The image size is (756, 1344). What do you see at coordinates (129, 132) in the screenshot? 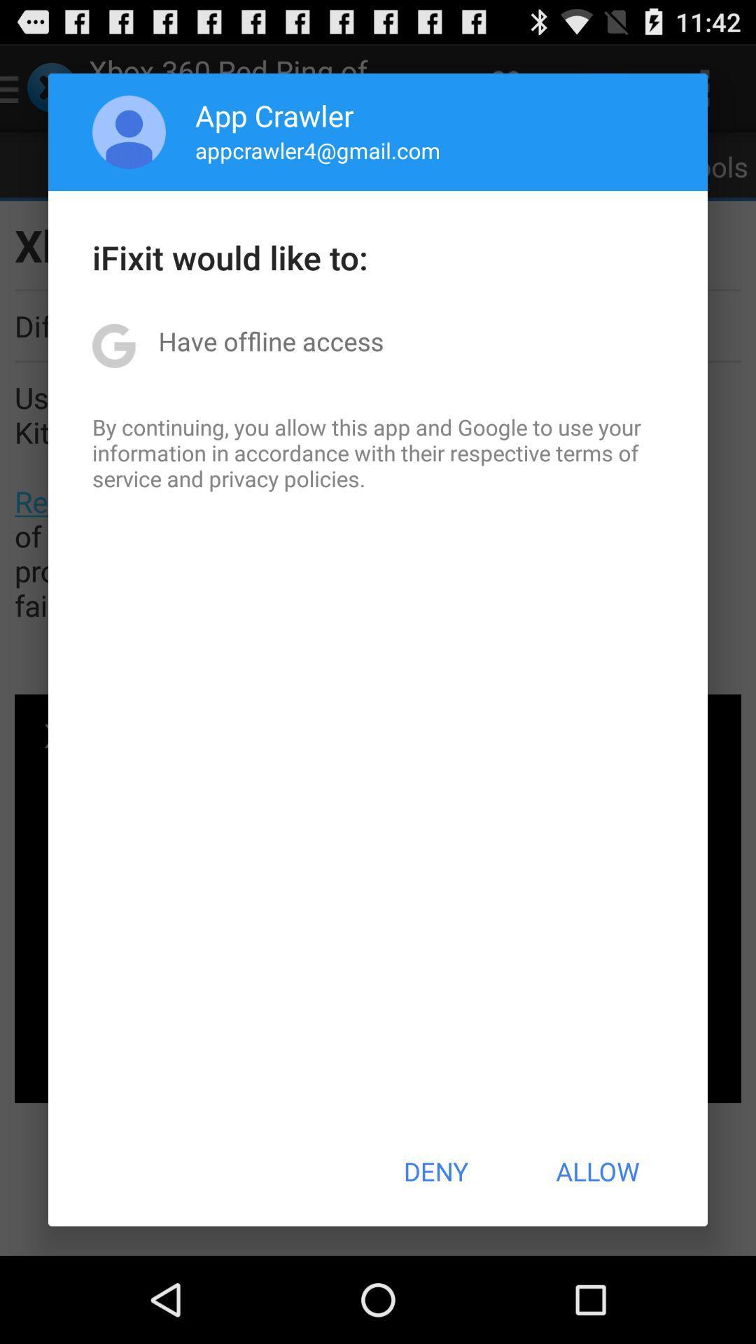
I see `the icon next to the app crawler` at bounding box center [129, 132].